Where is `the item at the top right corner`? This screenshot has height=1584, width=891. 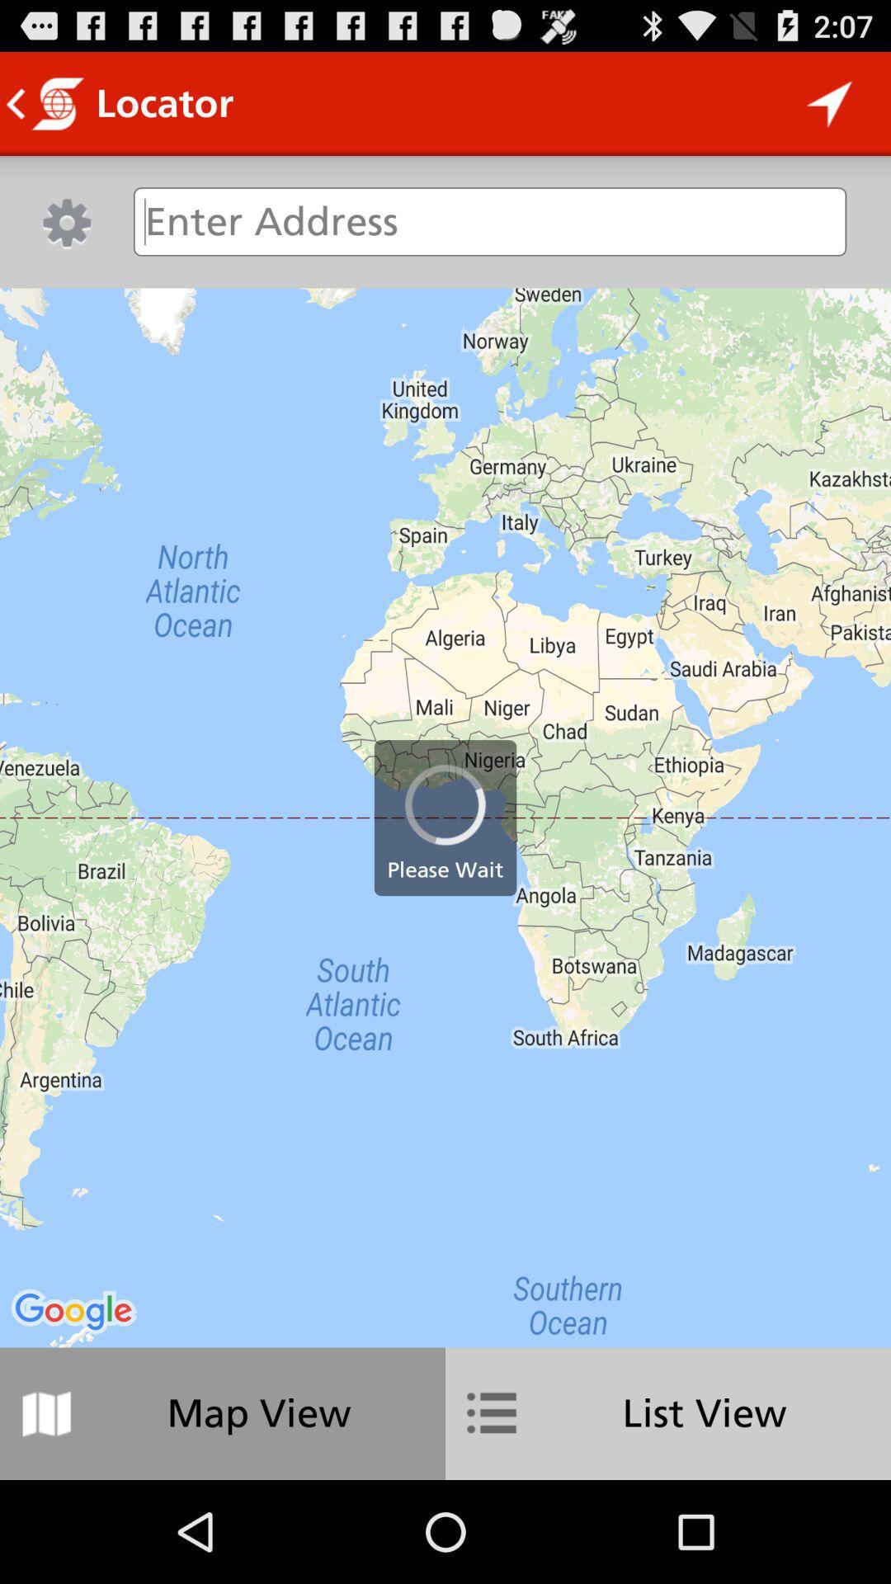 the item at the top right corner is located at coordinates (830, 102).